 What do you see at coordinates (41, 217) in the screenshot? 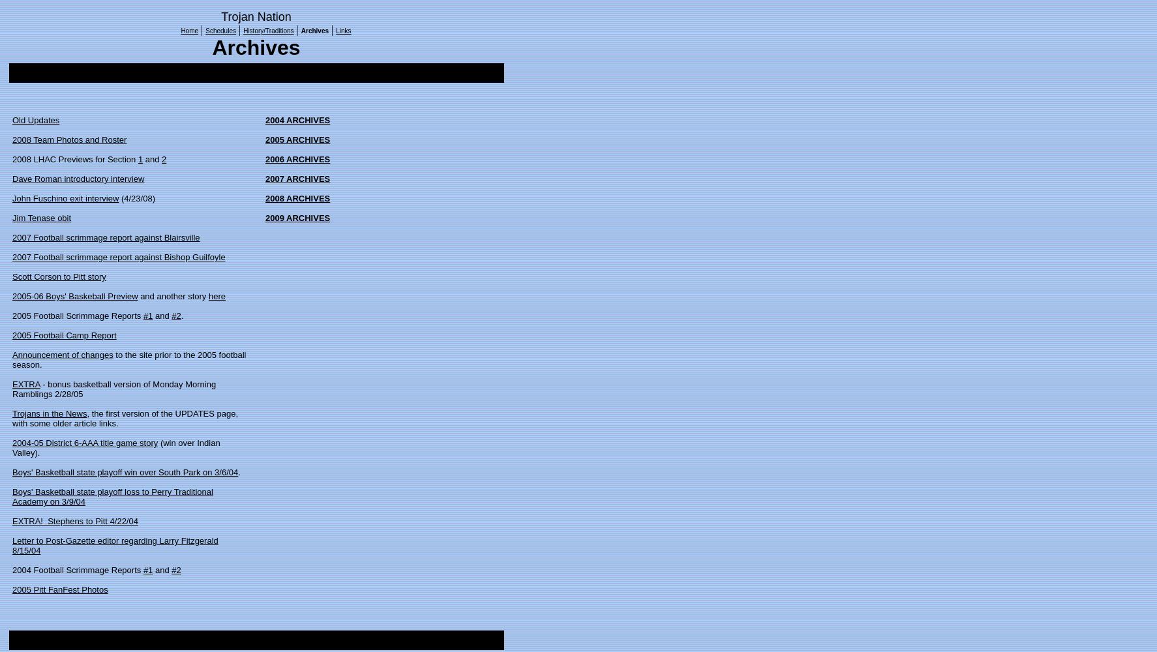
I see `'Jim Tenase obit'` at bounding box center [41, 217].